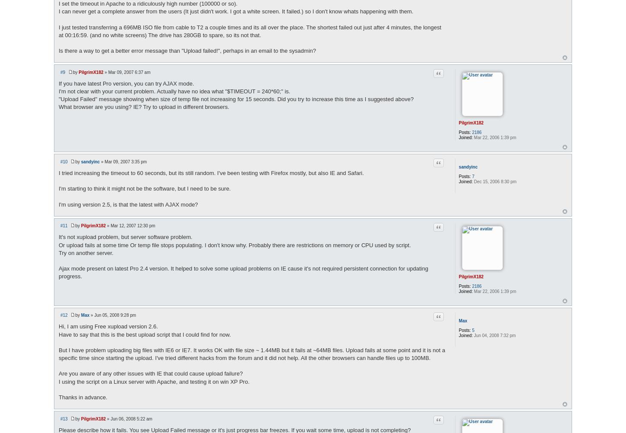 This screenshot has height=433, width=626. Describe the element at coordinates (236, 11) in the screenshot. I see `'I can never get a complete answer from the users (It just didn't work.  I got a white screen.  It failed.) so I don't know whats happening with them.'` at that location.